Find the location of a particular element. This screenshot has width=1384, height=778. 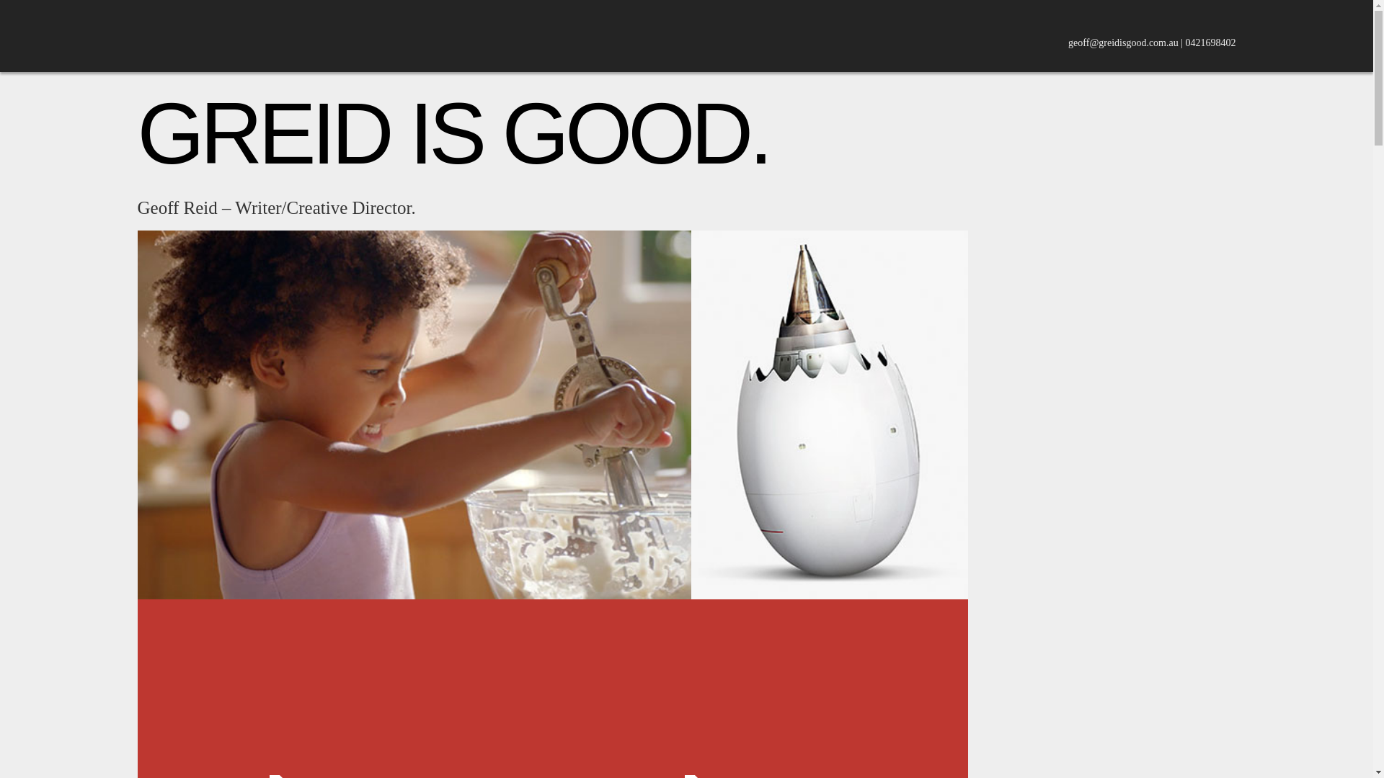

'geoff@greidisgood.com.au | 0421698402' is located at coordinates (1151, 42).